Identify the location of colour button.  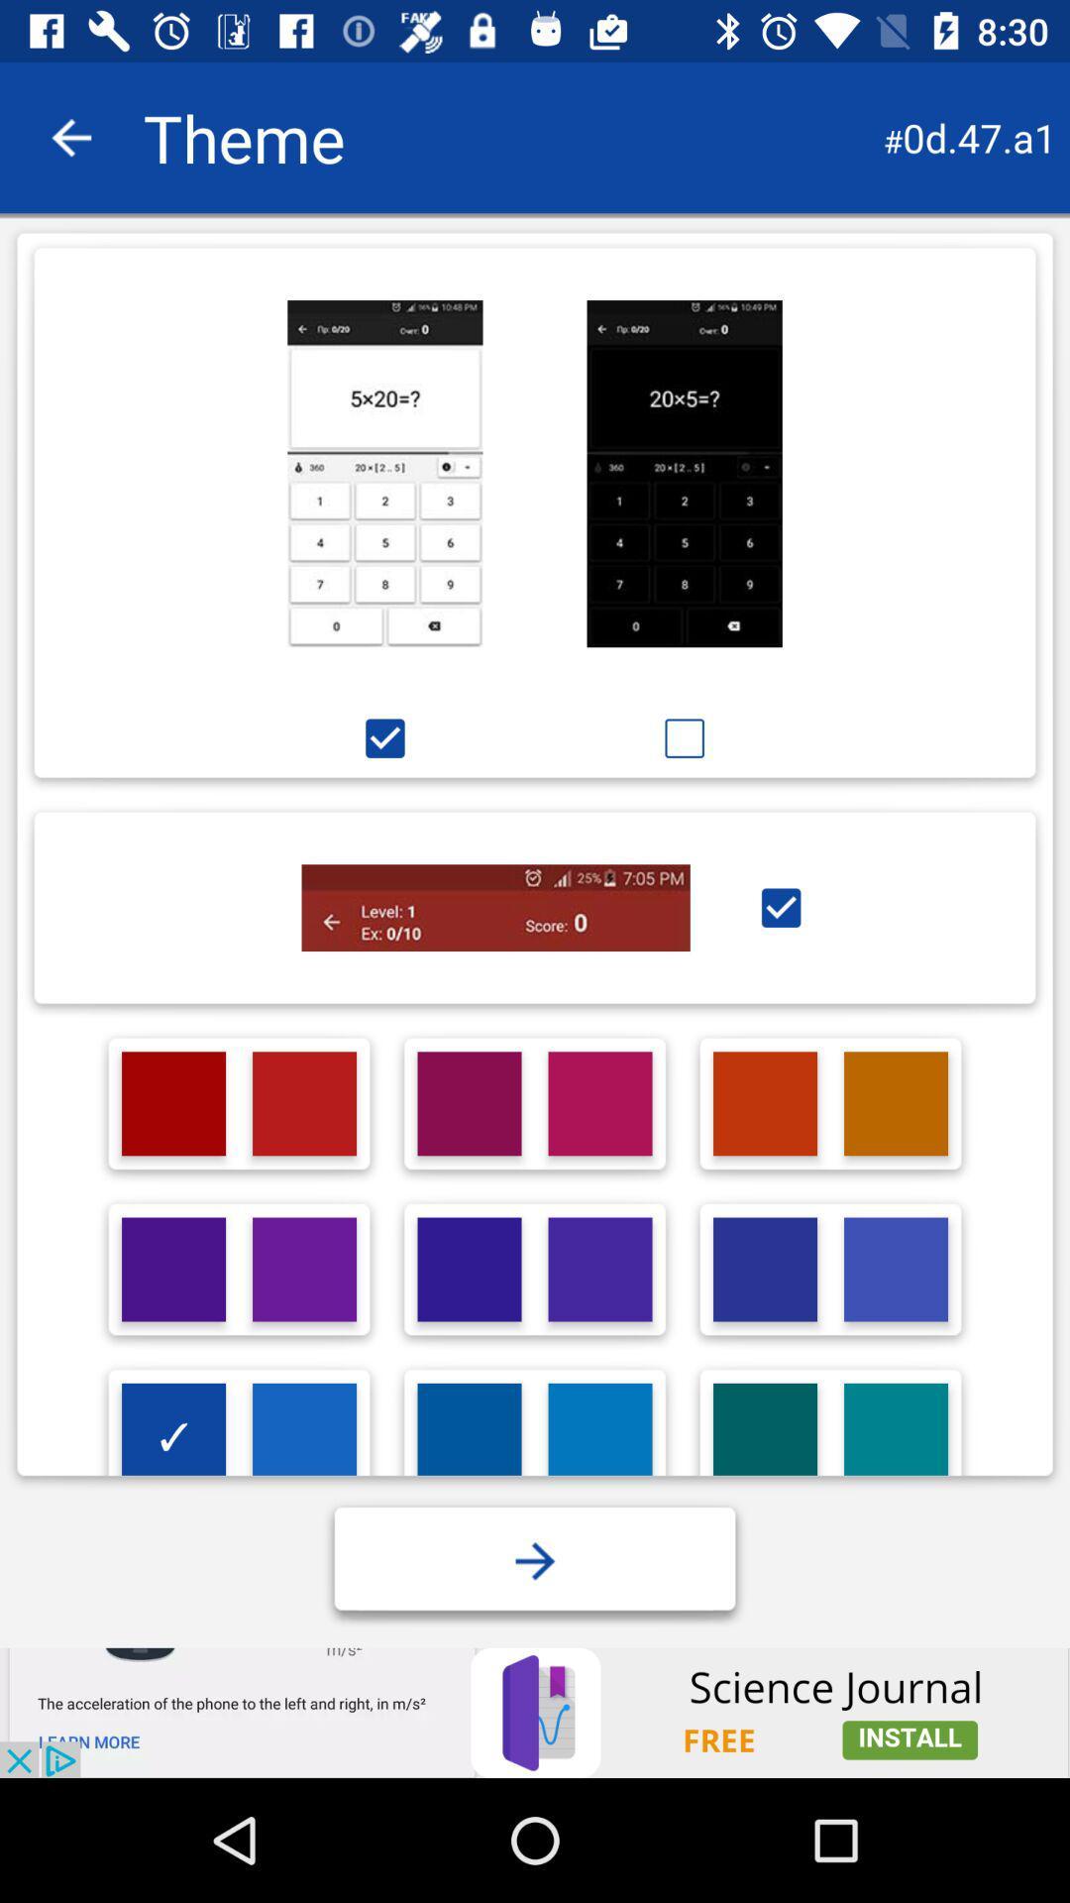
(598, 1102).